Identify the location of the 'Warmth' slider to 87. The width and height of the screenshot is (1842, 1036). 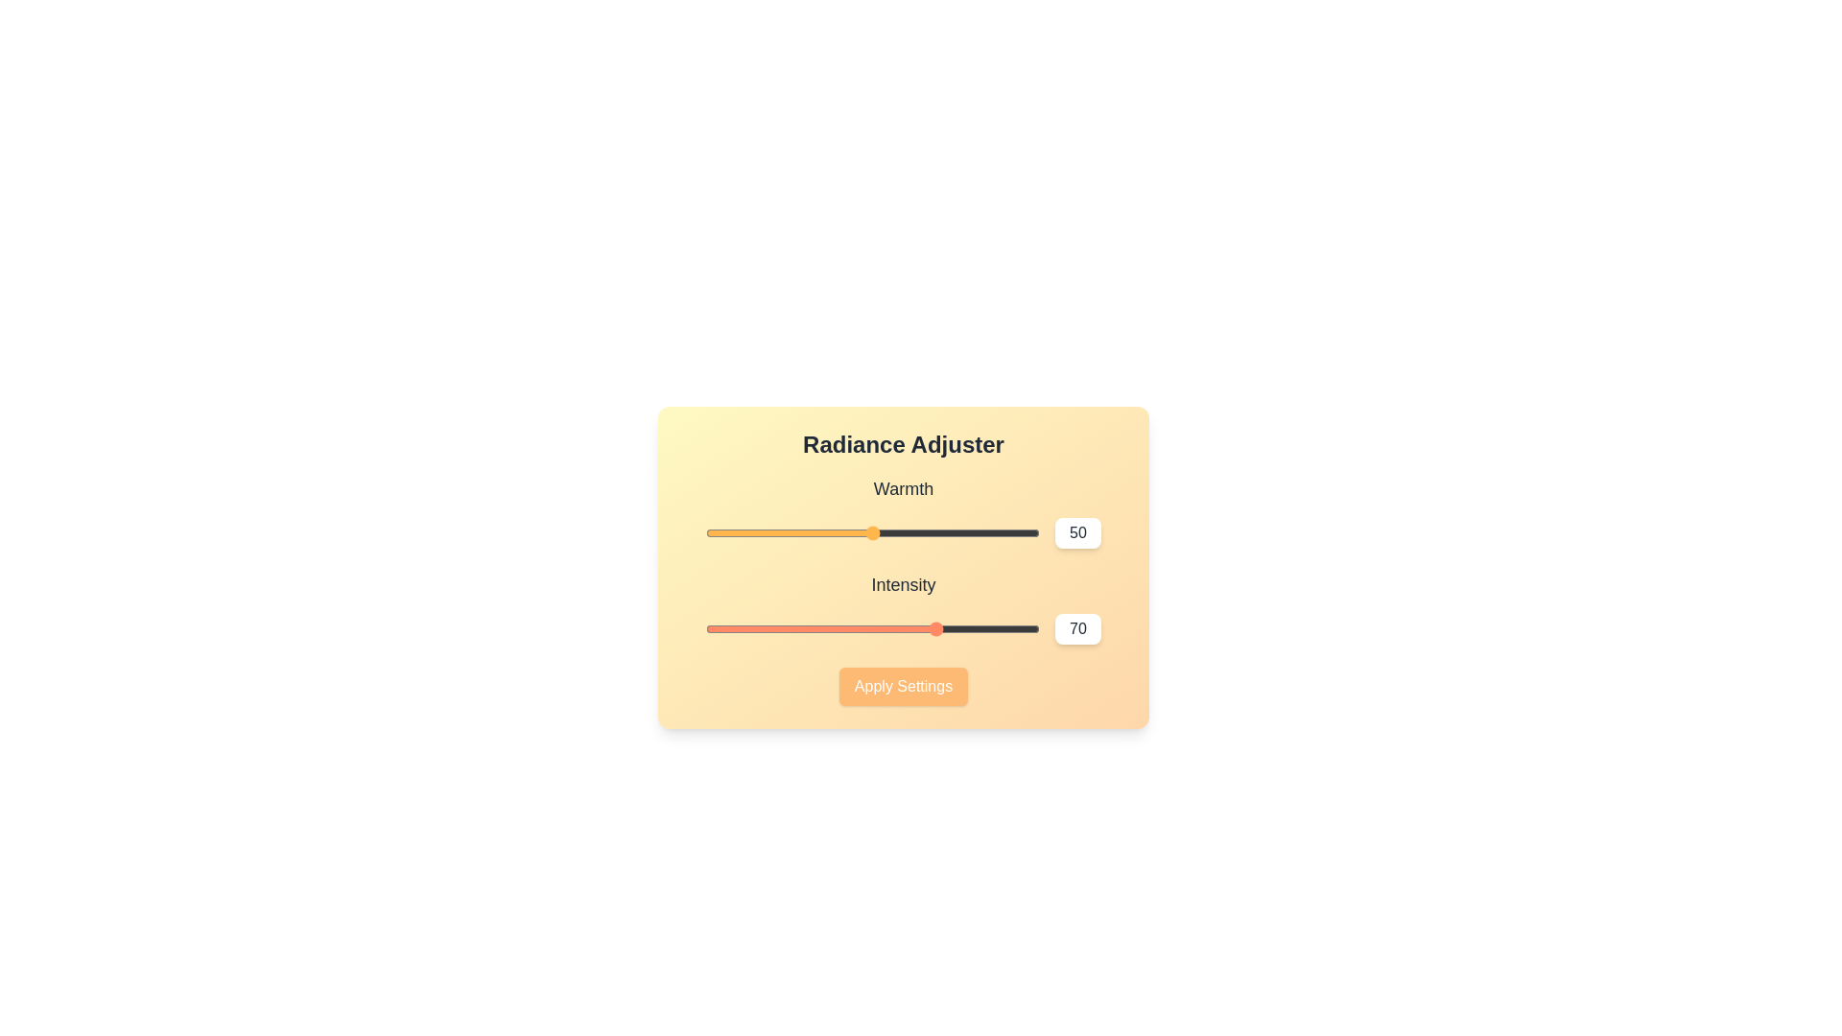
(996, 532).